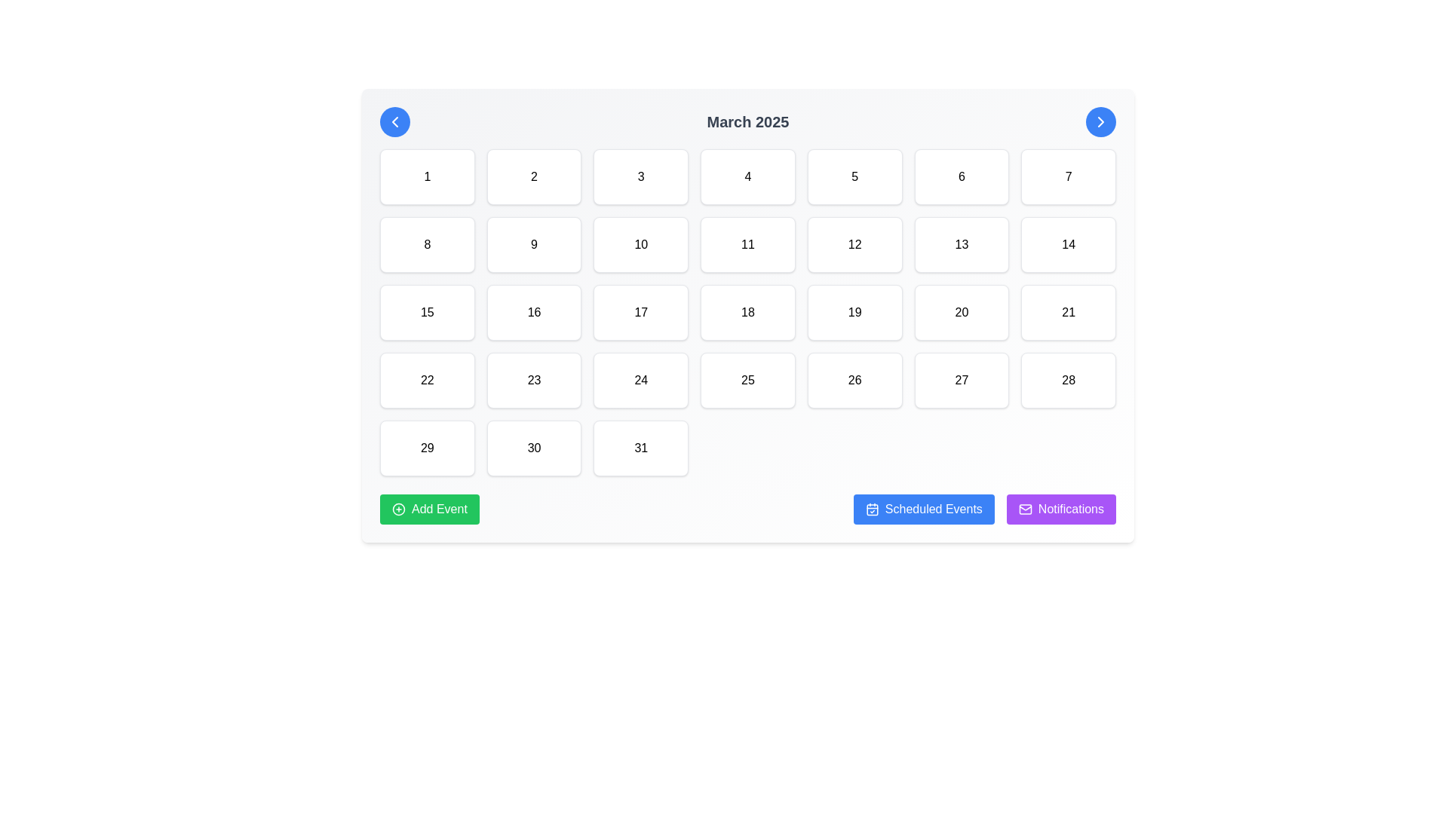 This screenshot has width=1448, height=814. What do you see at coordinates (961, 312) in the screenshot?
I see `the static card displaying the number '20', which is part of a grid layout and is located in the third row and sixth column` at bounding box center [961, 312].